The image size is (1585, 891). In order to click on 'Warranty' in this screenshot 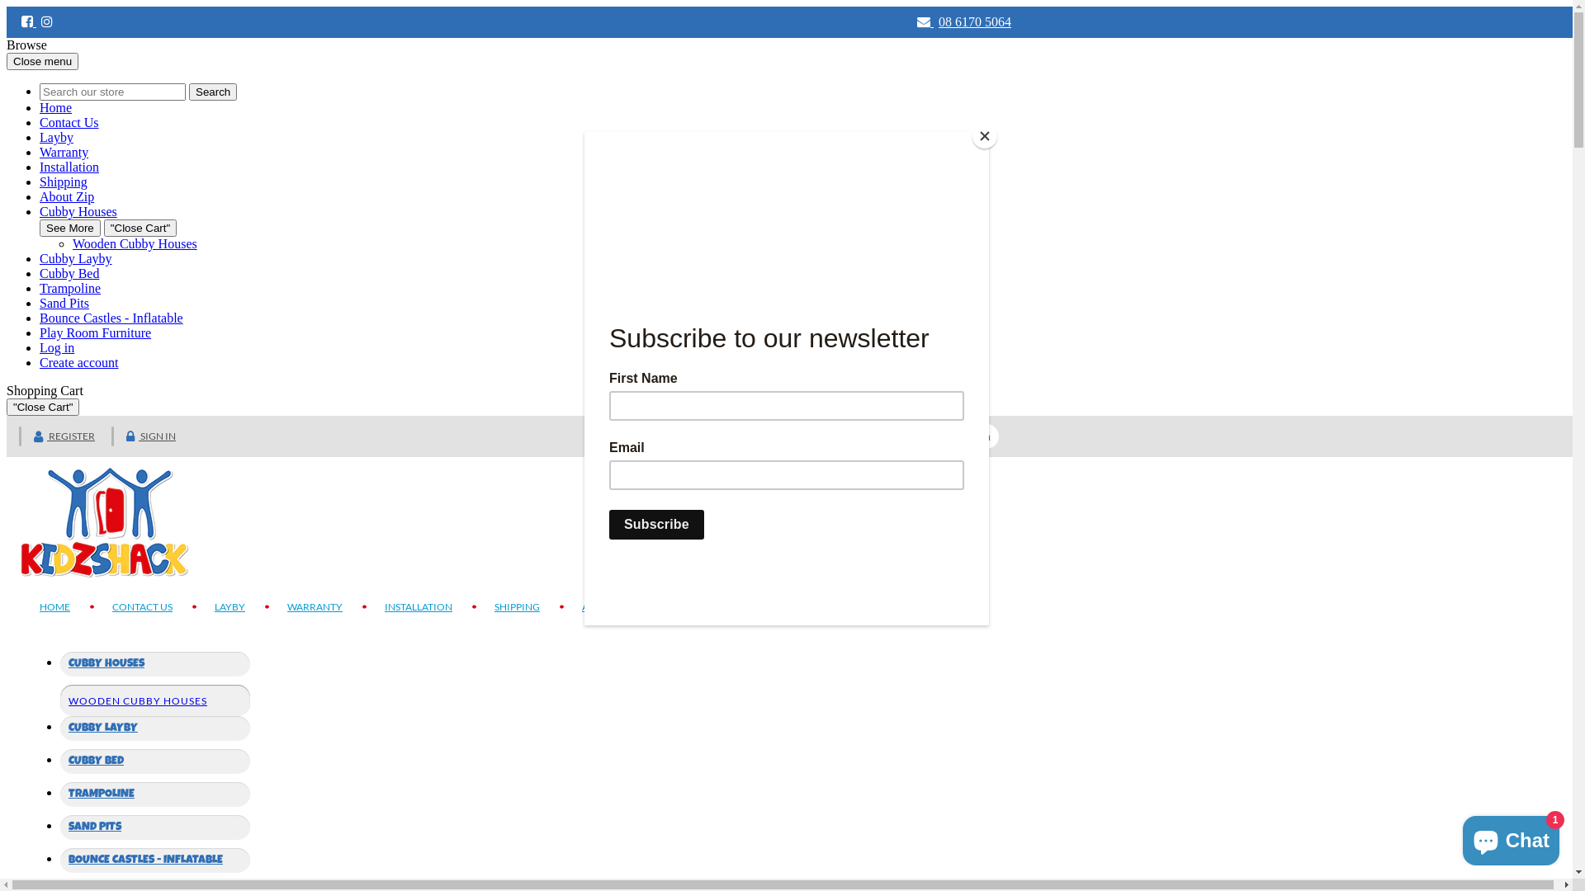, I will do `click(64, 152)`.